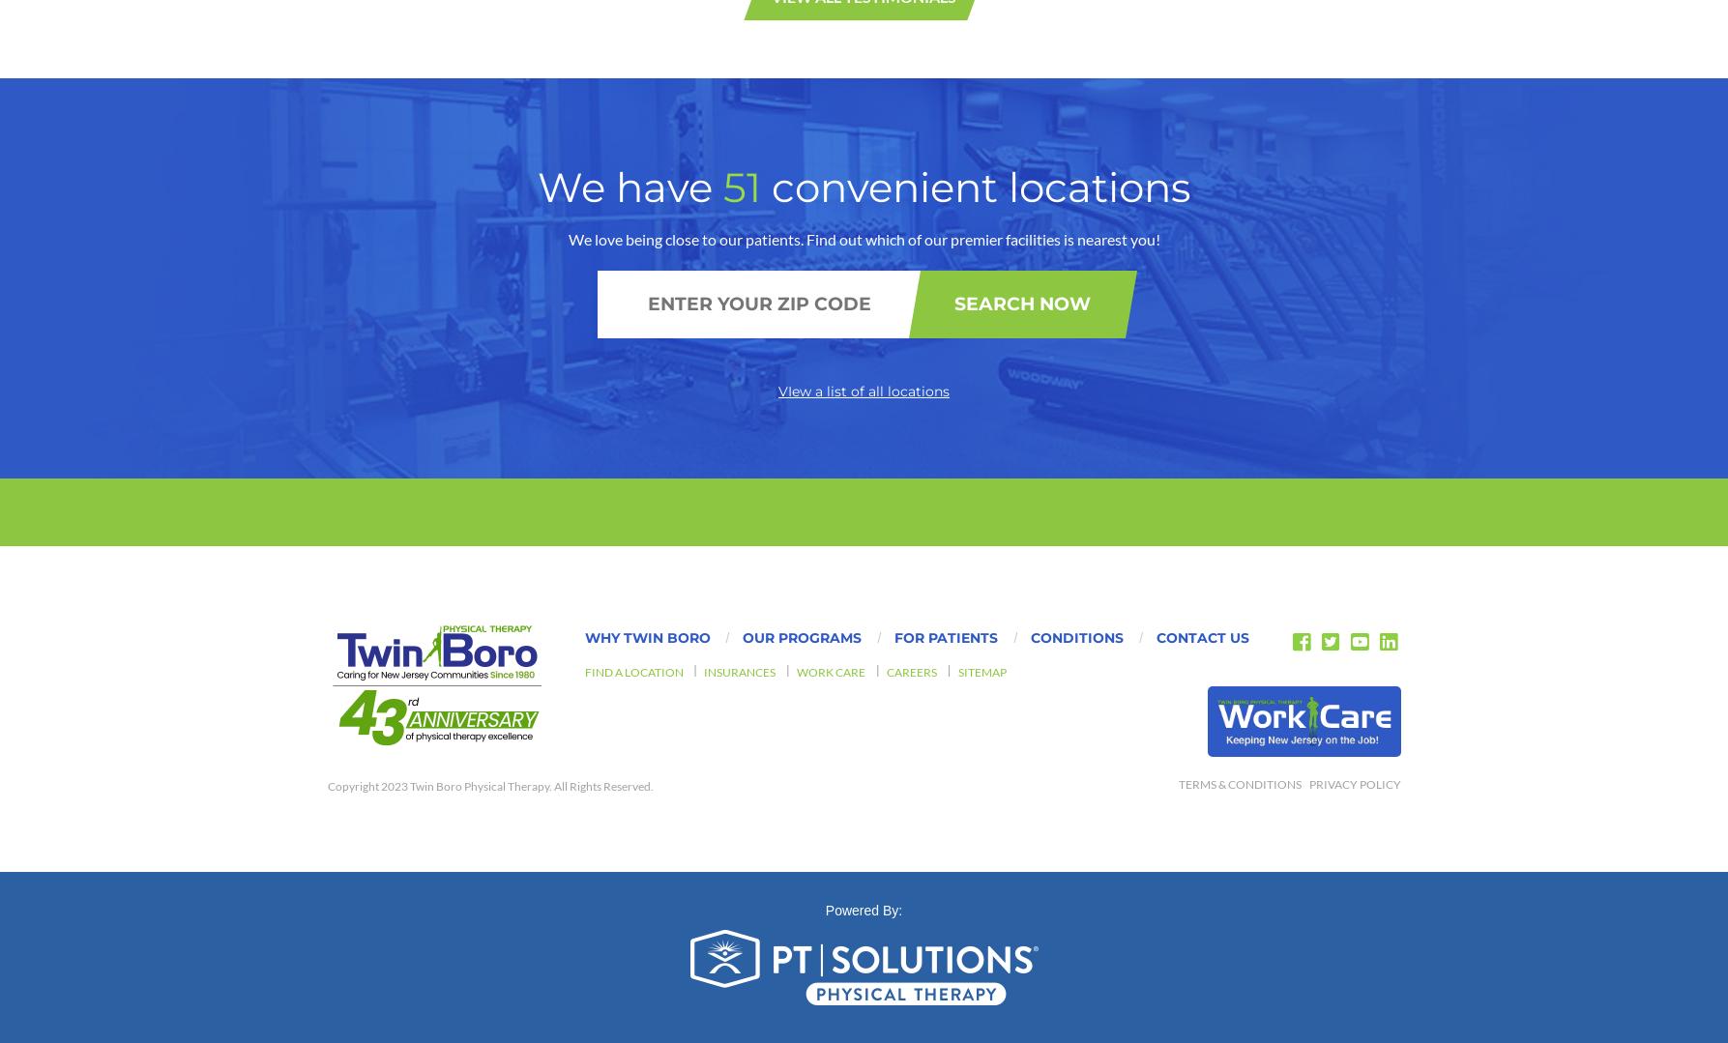  Describe the element at coordinates (802, 173) in the screenshot. I see `'Our Programs'` at that location.